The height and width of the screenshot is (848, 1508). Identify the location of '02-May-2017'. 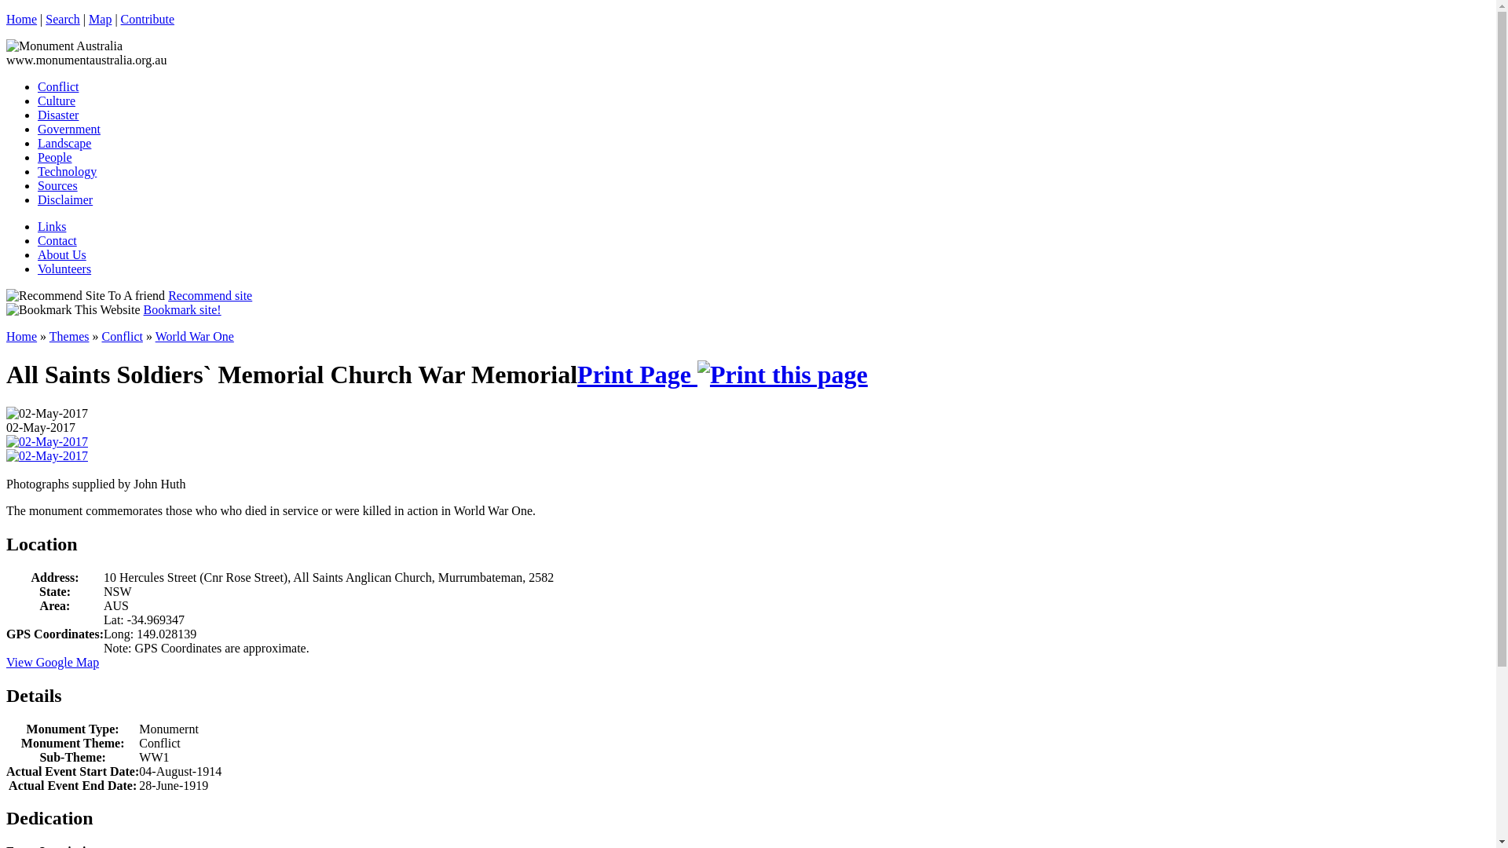
(46, 442).